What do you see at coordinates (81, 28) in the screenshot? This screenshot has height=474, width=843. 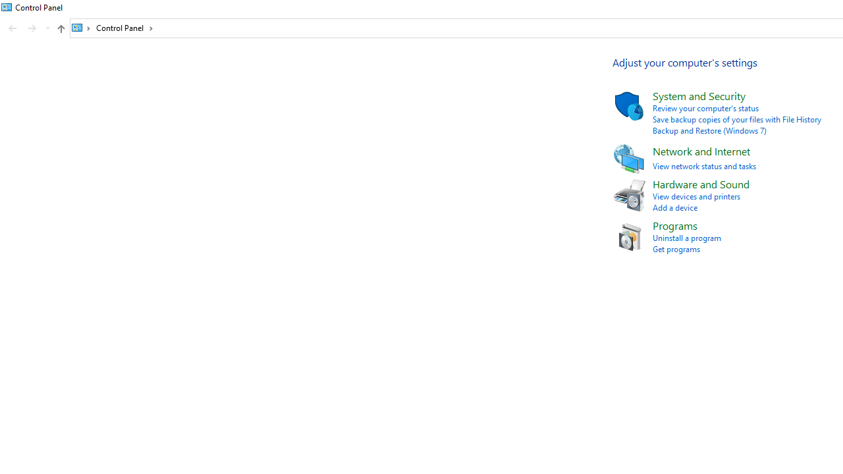 I see `'All locations'` at bounding box center [81, 28].